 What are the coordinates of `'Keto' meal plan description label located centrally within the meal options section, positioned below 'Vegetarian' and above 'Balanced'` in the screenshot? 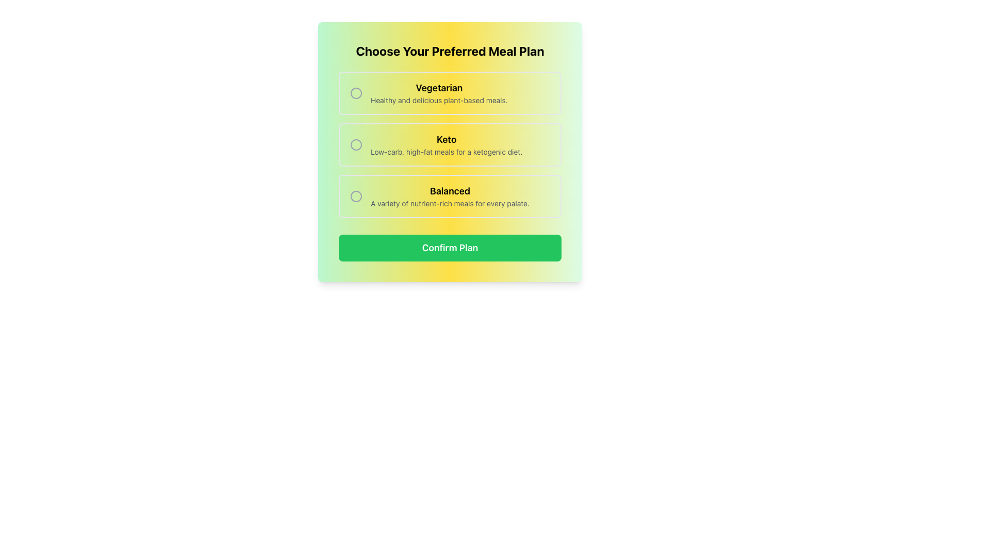 It's located at (447, 145).